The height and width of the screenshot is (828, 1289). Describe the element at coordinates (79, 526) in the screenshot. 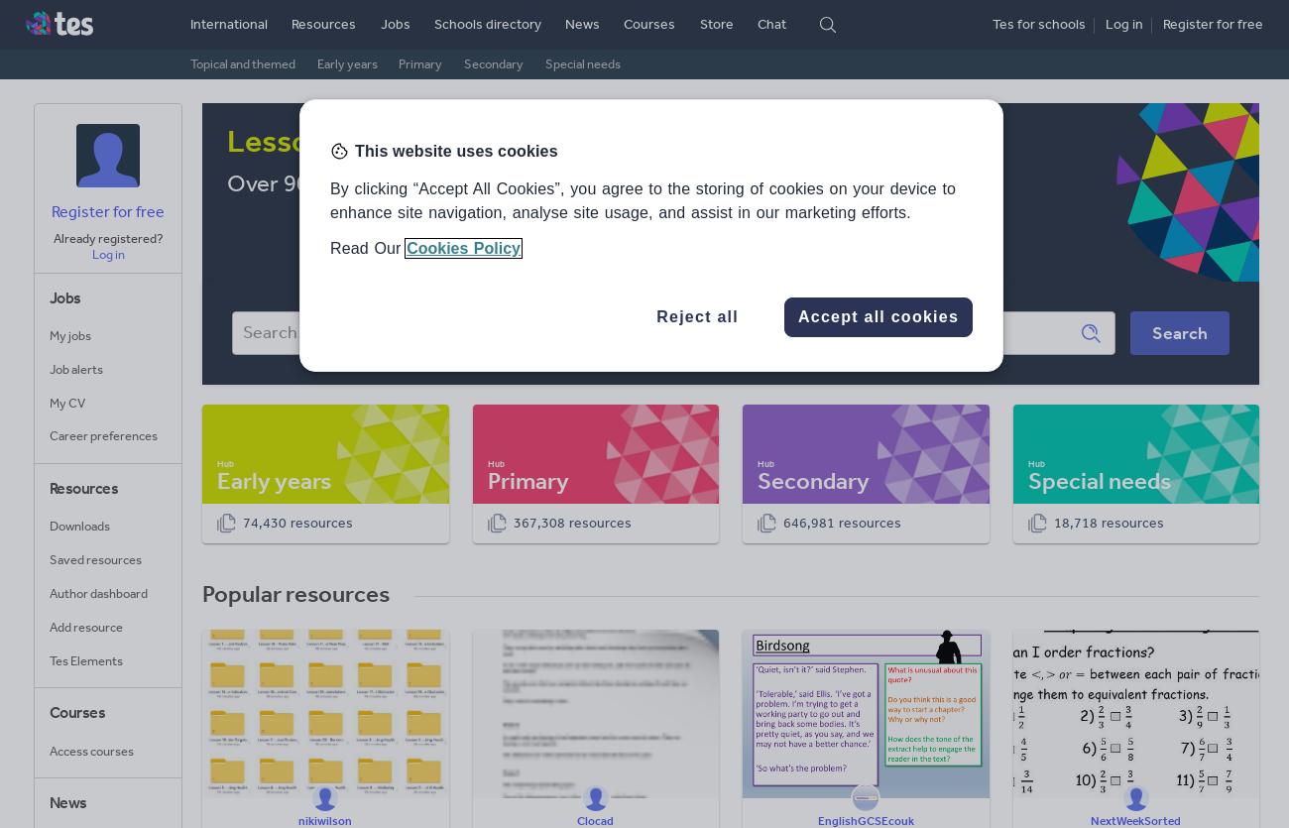

I see `'Downloads'` at that location.